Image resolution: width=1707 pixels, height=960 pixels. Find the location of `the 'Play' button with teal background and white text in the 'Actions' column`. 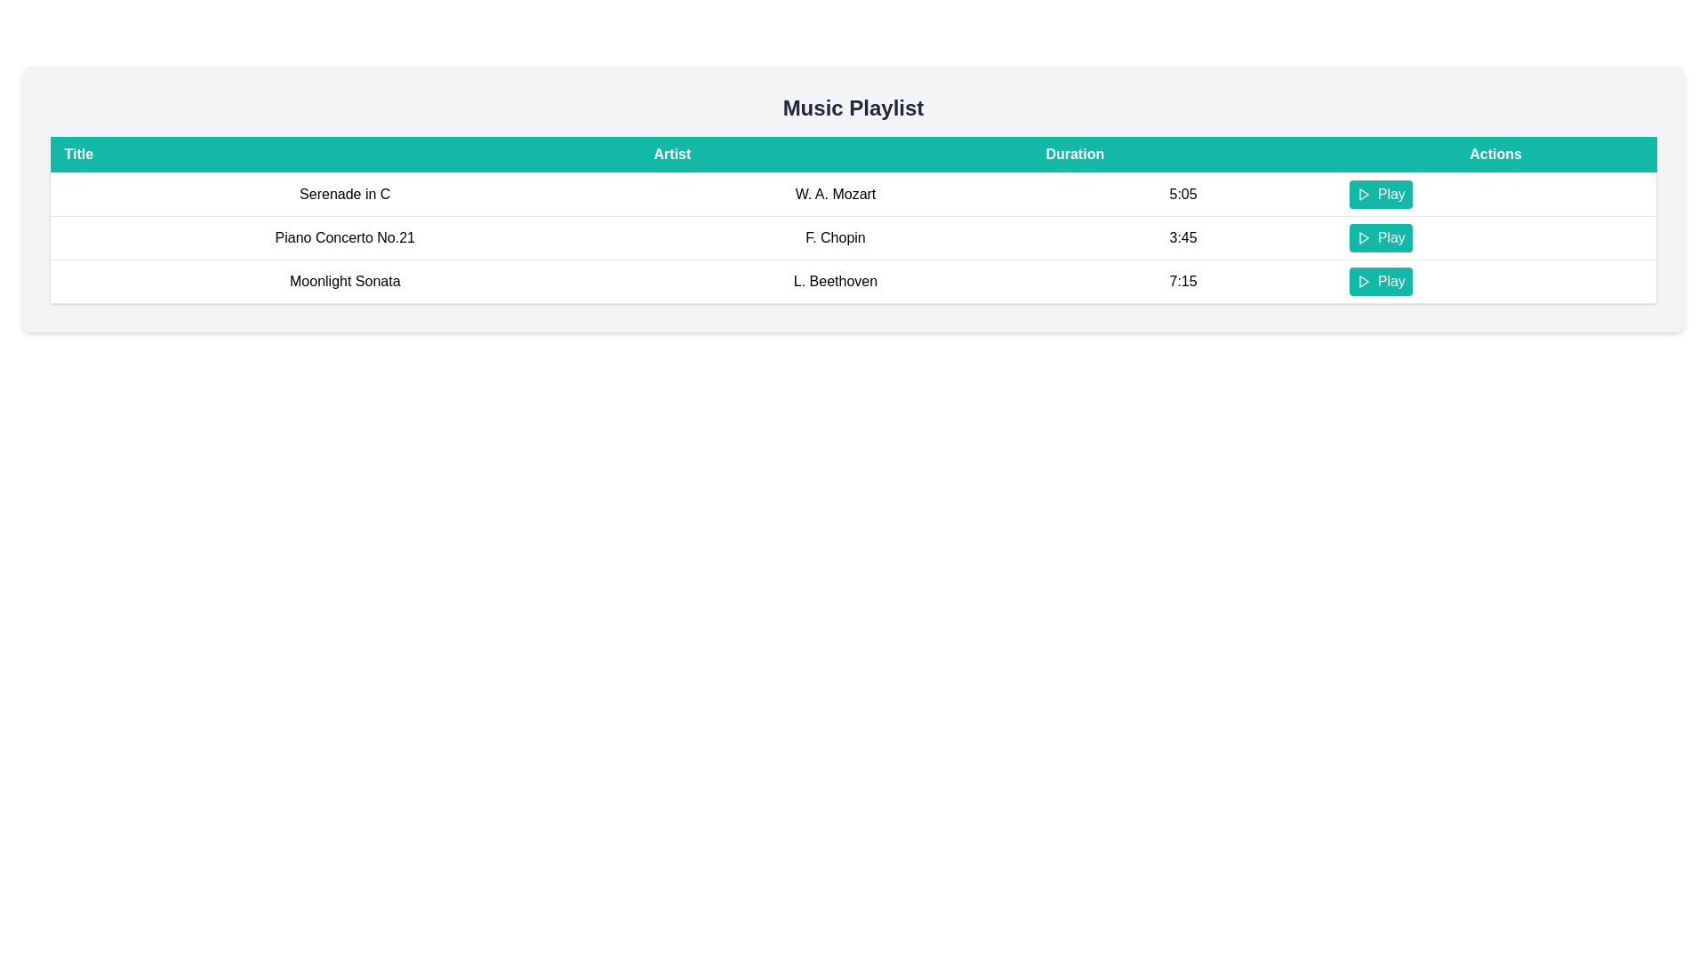

the 'Play' button with teal background and white text in the 'Actions' column is located at coordinates (1380, 195).